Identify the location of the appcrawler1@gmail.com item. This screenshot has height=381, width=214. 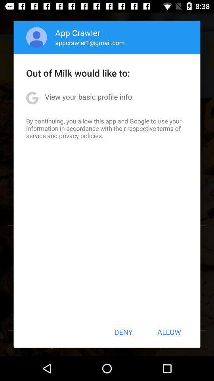
(90, 42).